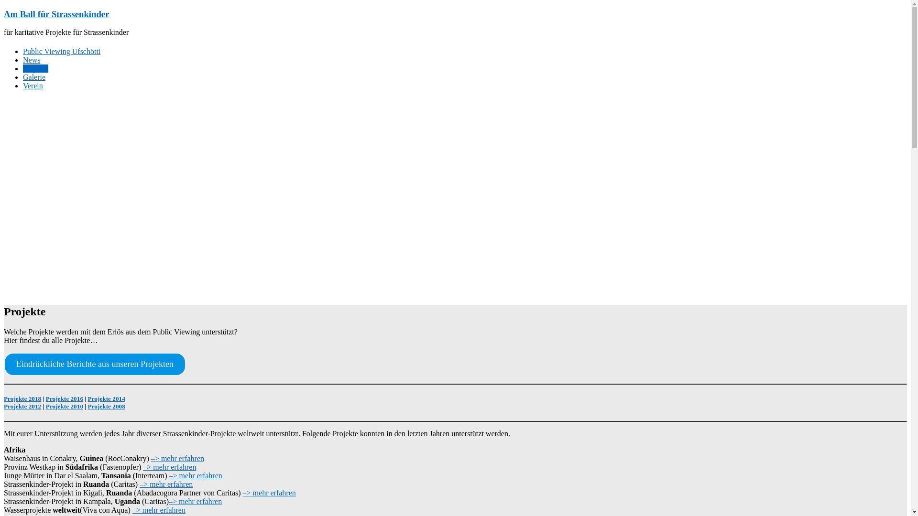 The image size is (918, 516). What do you see at coordinates (34, 76) in the screenshot?
I see `'Galerie'` at bounding box center [34, 76].